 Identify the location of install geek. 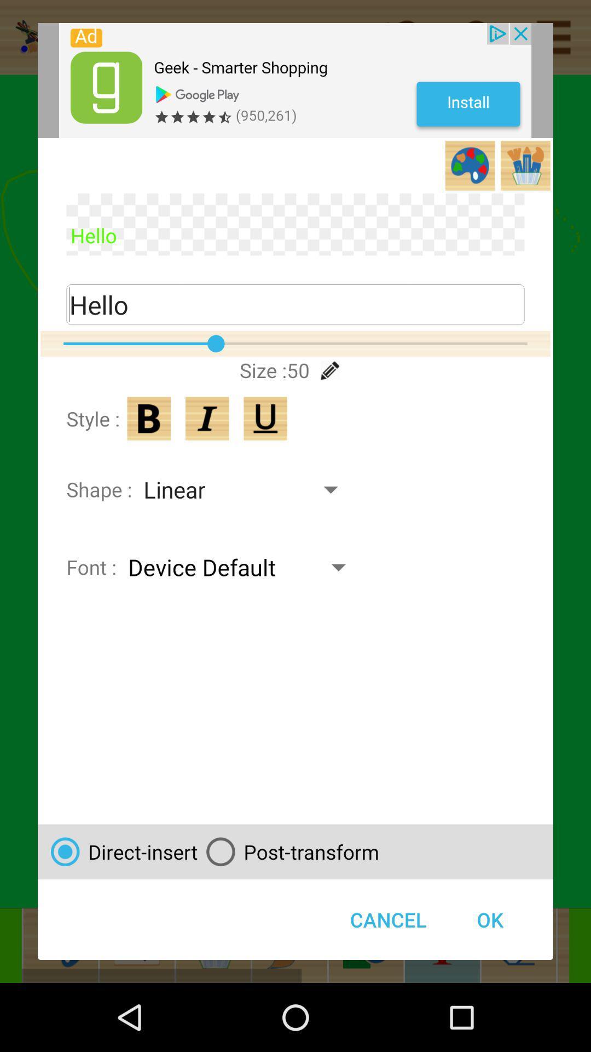
(294, 80).